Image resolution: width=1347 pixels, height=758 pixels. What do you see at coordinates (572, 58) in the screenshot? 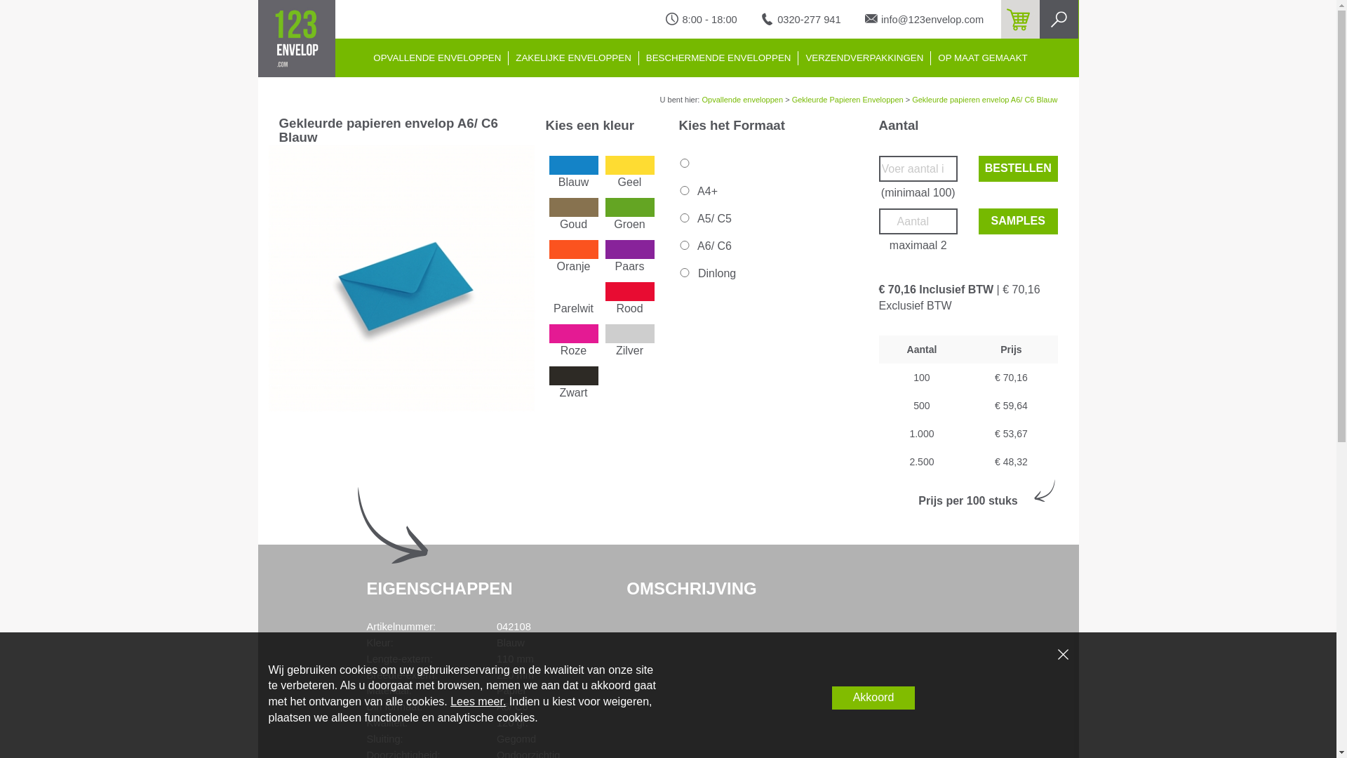
I see `'ZAKELIJKE ENVELOPPEN'` at bounding box center [572, 58].